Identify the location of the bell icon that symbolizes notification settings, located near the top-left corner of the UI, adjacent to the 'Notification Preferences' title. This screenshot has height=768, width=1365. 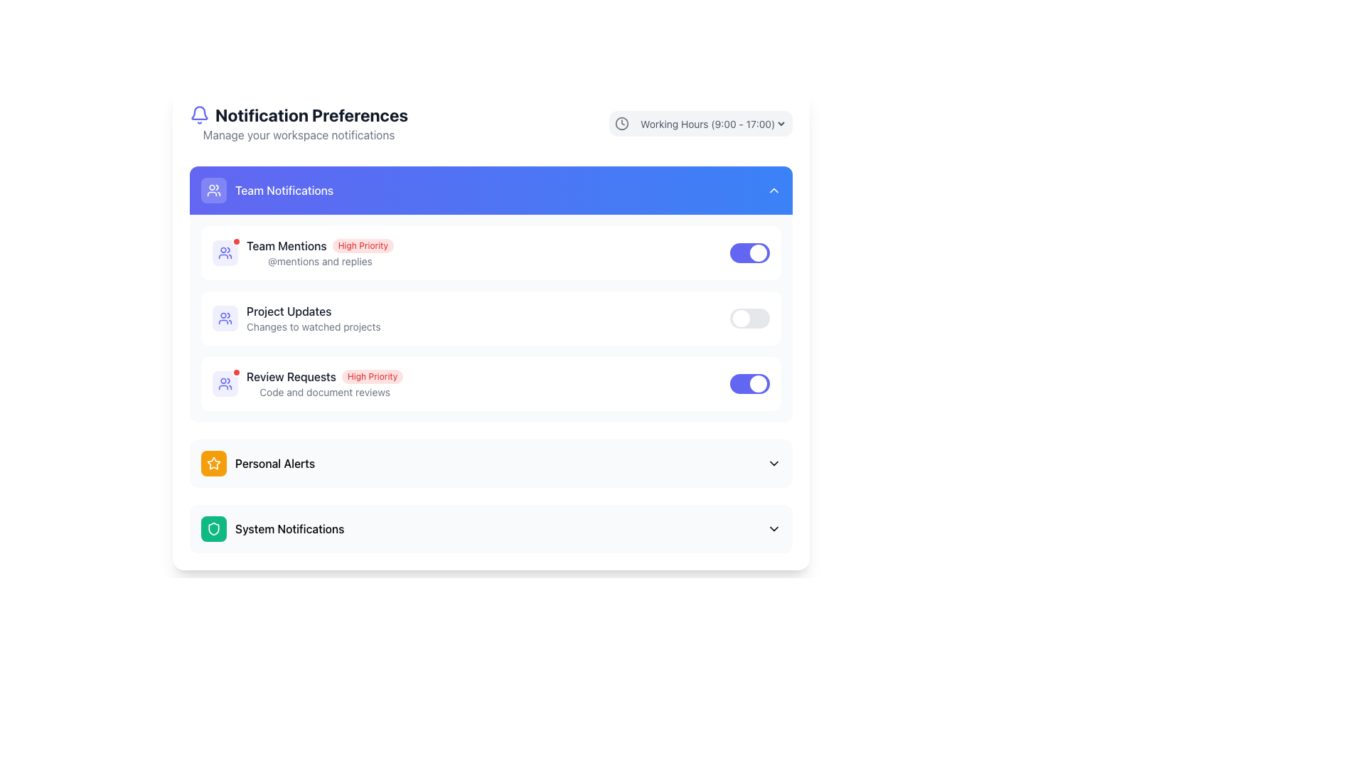
(199, 112).